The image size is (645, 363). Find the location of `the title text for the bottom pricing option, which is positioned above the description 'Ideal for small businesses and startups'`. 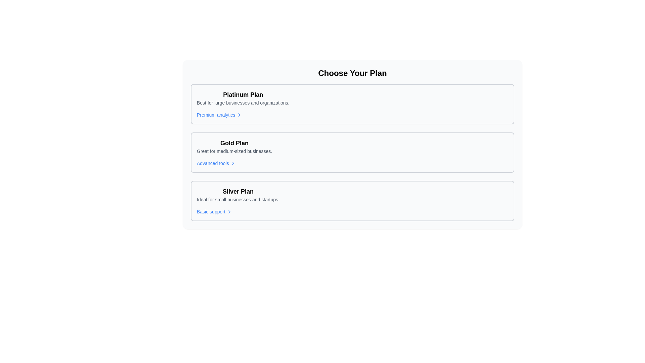

the title text for the bottom pricing option, which is positioned above the description 'Ideal for small businesses and startups' is located at coordinates (238, 192).